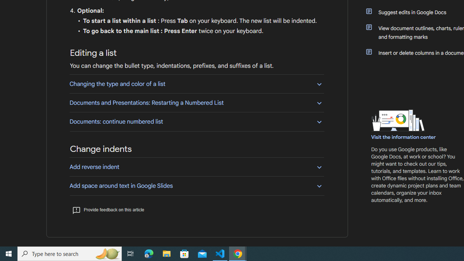  What do you see at coordinates (108, 210) in the screenshot?
I see `'Provide feedback on this article'` at bounding box center [108, 210].